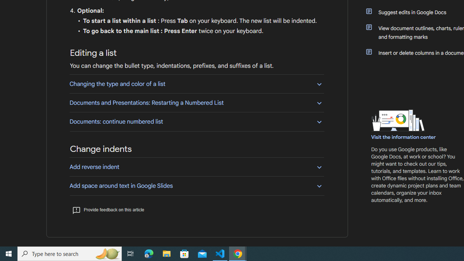  What do you see at coordinates (108, 210) in the screenshot?
I see `'Provide feedback on this article'` at bounding box center [108, 210].